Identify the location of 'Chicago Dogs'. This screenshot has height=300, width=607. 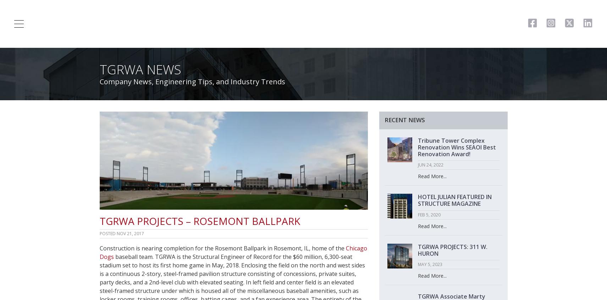
(233, 252).